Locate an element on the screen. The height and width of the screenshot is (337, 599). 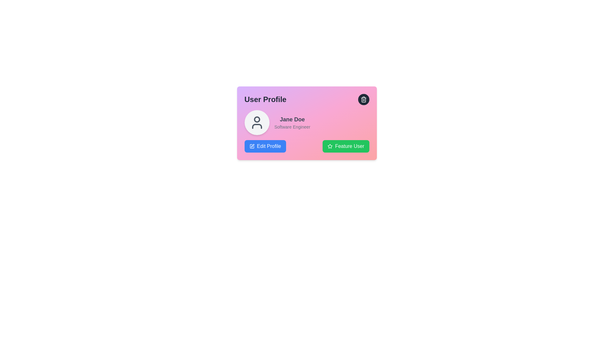
the user avatar icon located at the top-left of the 'User Profile' card, which represents the user and is centrally aligned within a circular area above the text 'Jane Doe' and 'Software Engineer' is located at coordinates (257, 123).